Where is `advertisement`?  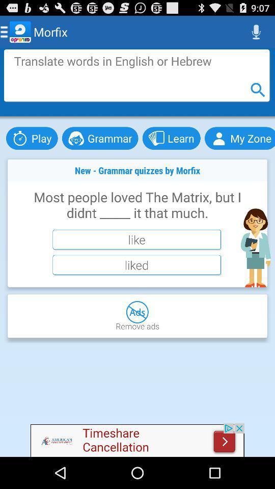 advertisement is located at coordinates (137, 440).